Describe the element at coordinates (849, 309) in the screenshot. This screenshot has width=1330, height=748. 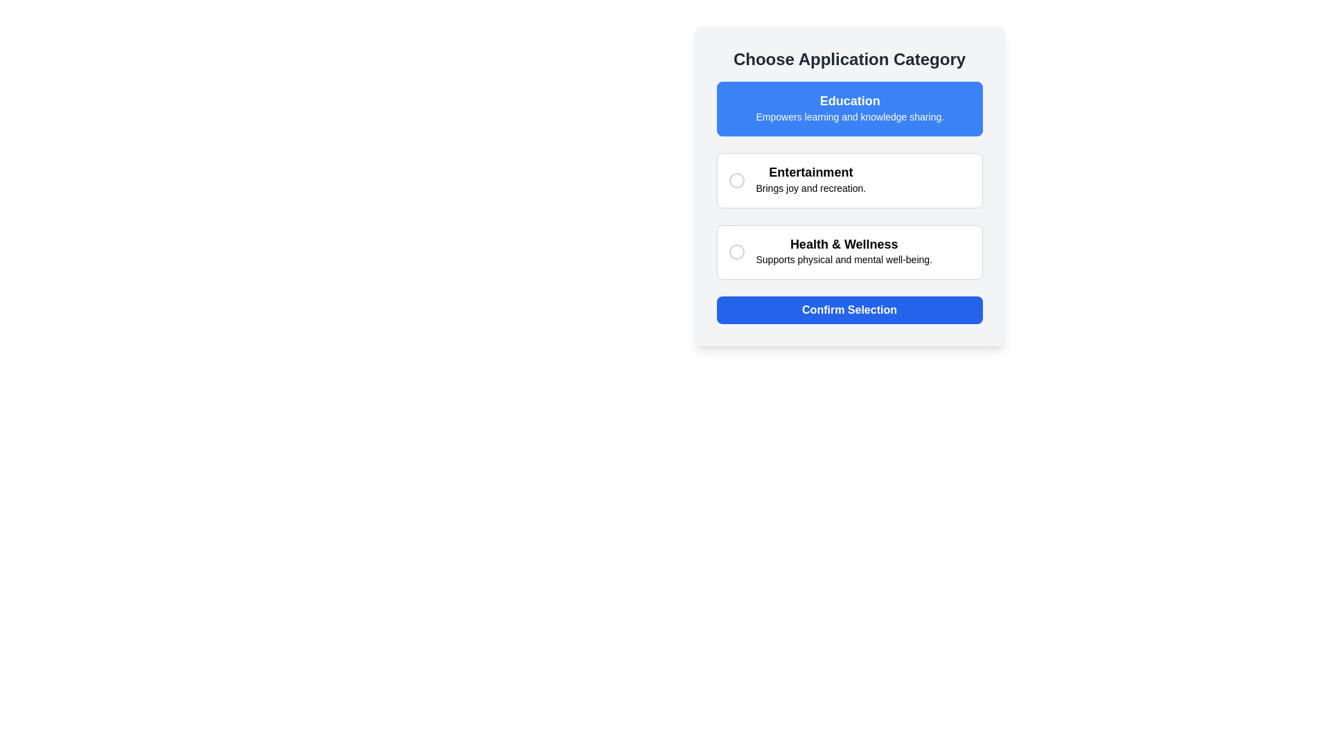
I see `the 'Confirm Selection' button, which is a rectangular button with rounded corners filled with vibrant blue color and bold white text, located beneath the 'Health & Wellness' option in the selection interface` at that location.